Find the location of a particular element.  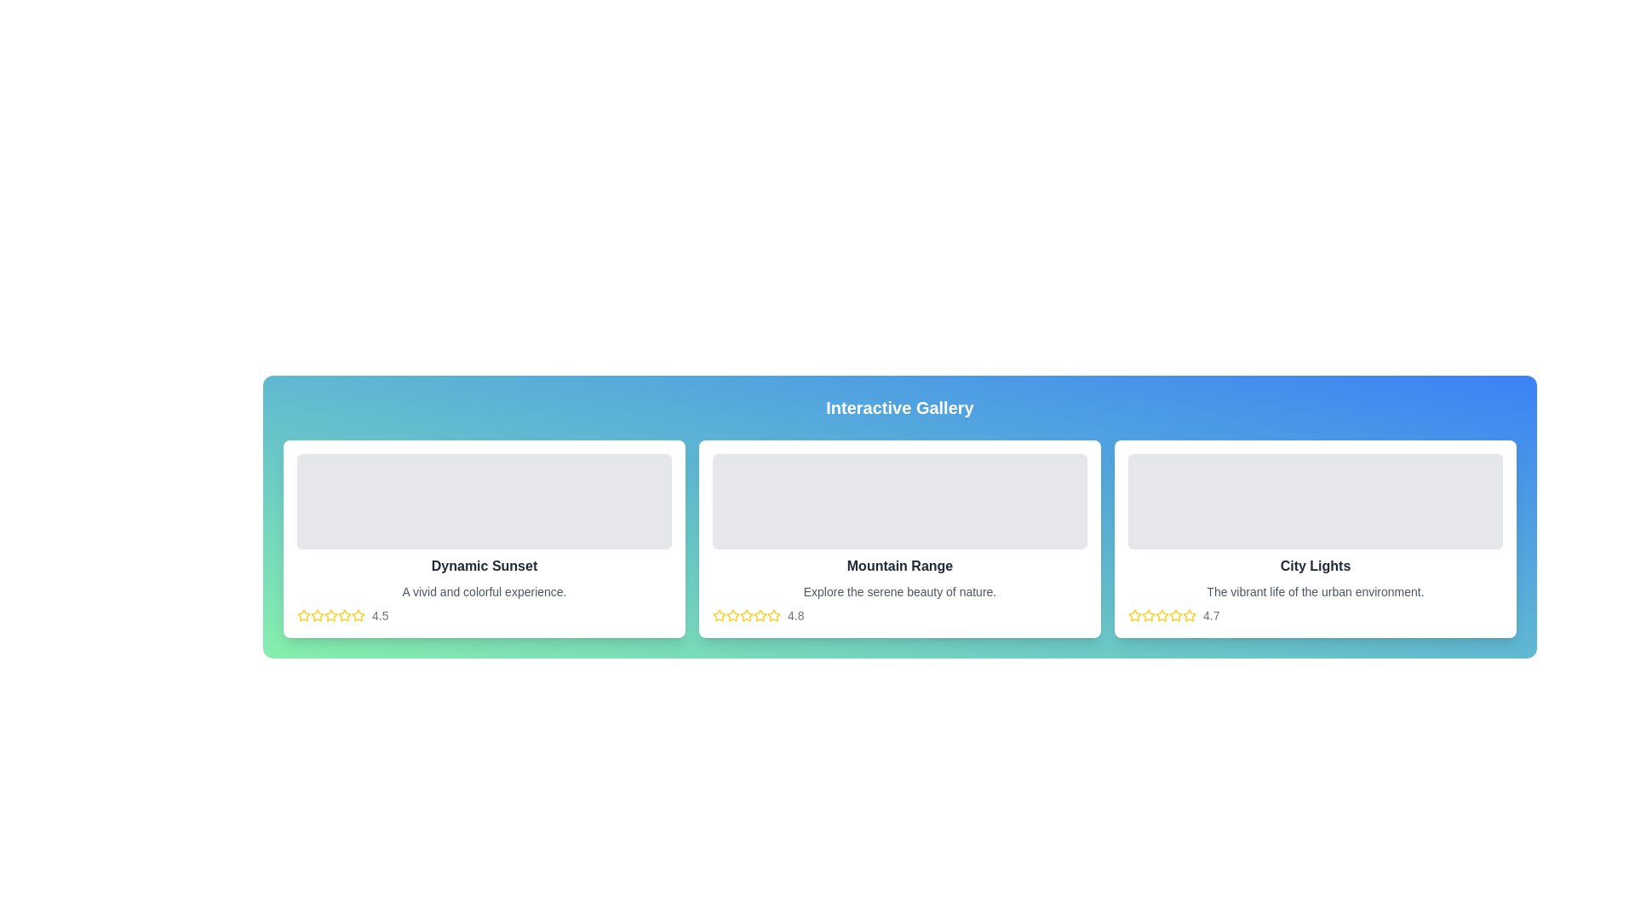

the sixth star icon in the rating system beneath the 'Dynamic Sunset' card, which is aligned with other star icons and beside the '4.5' rating text is located at coordinates (343, 615).